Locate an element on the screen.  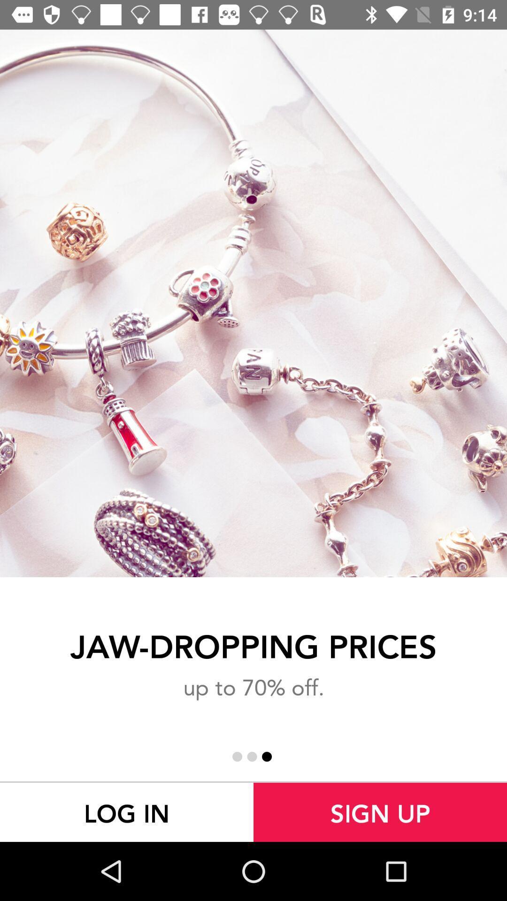
the log in item is located at coordinates (127, 812).